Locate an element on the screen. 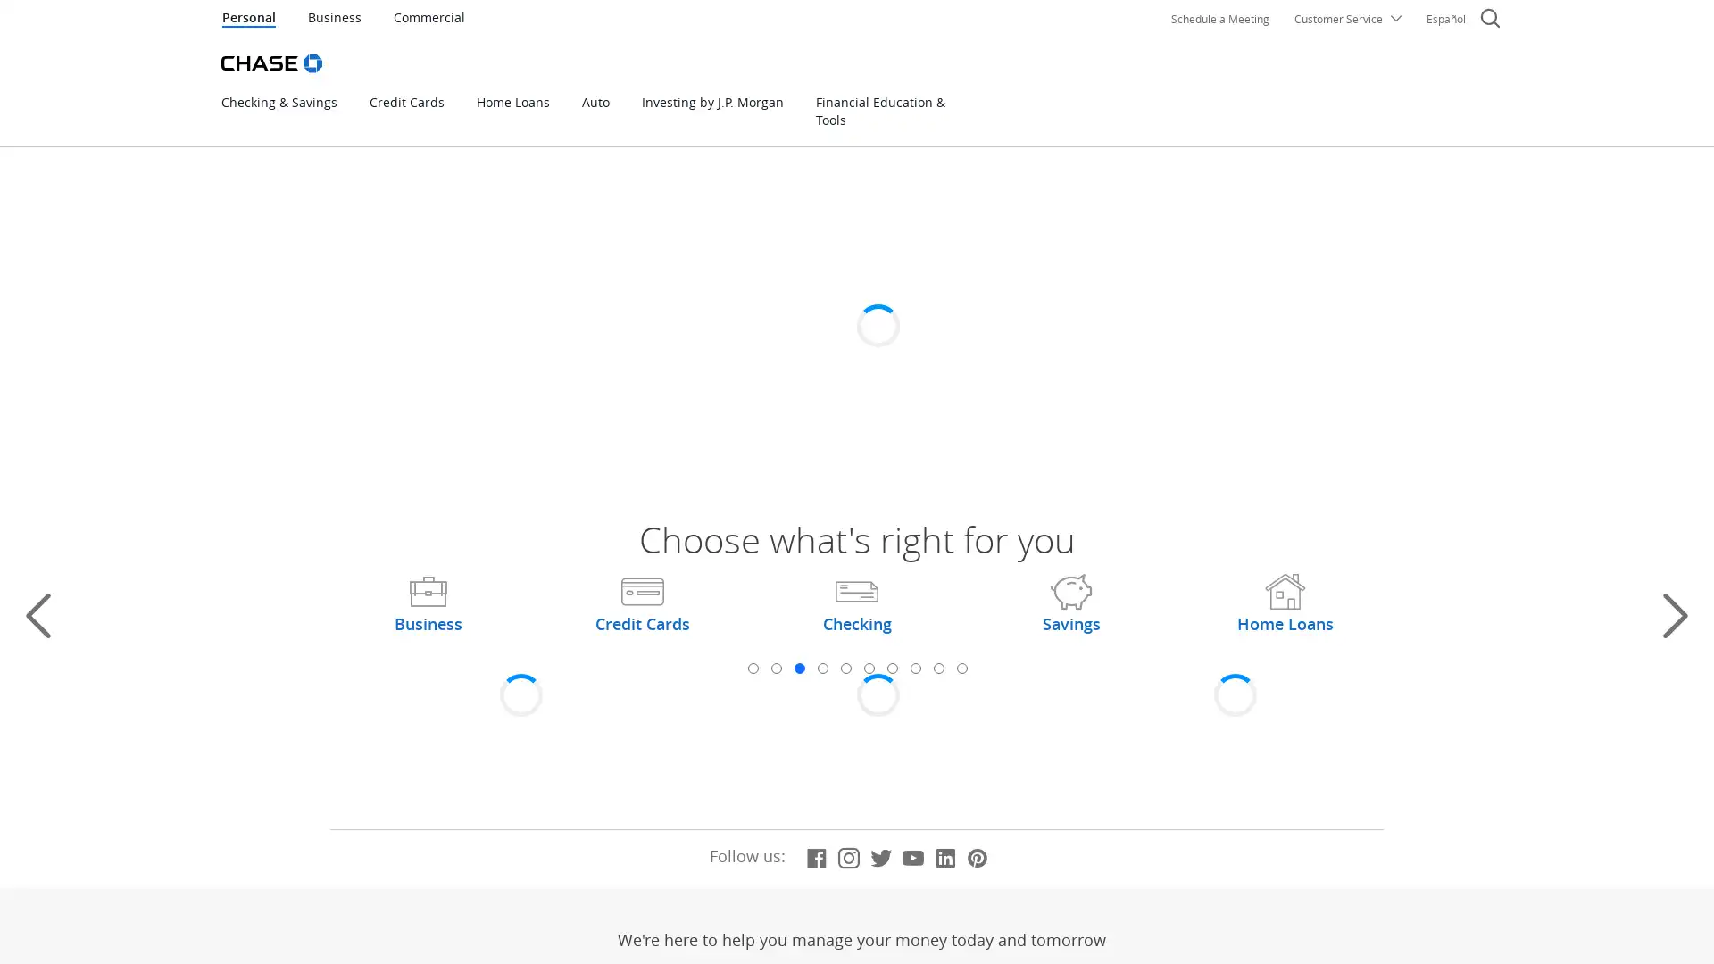 Image resolution: width=1714 pixels, height=964 pixels. Slide 2 of 10 is located at coordinates (775, 668).